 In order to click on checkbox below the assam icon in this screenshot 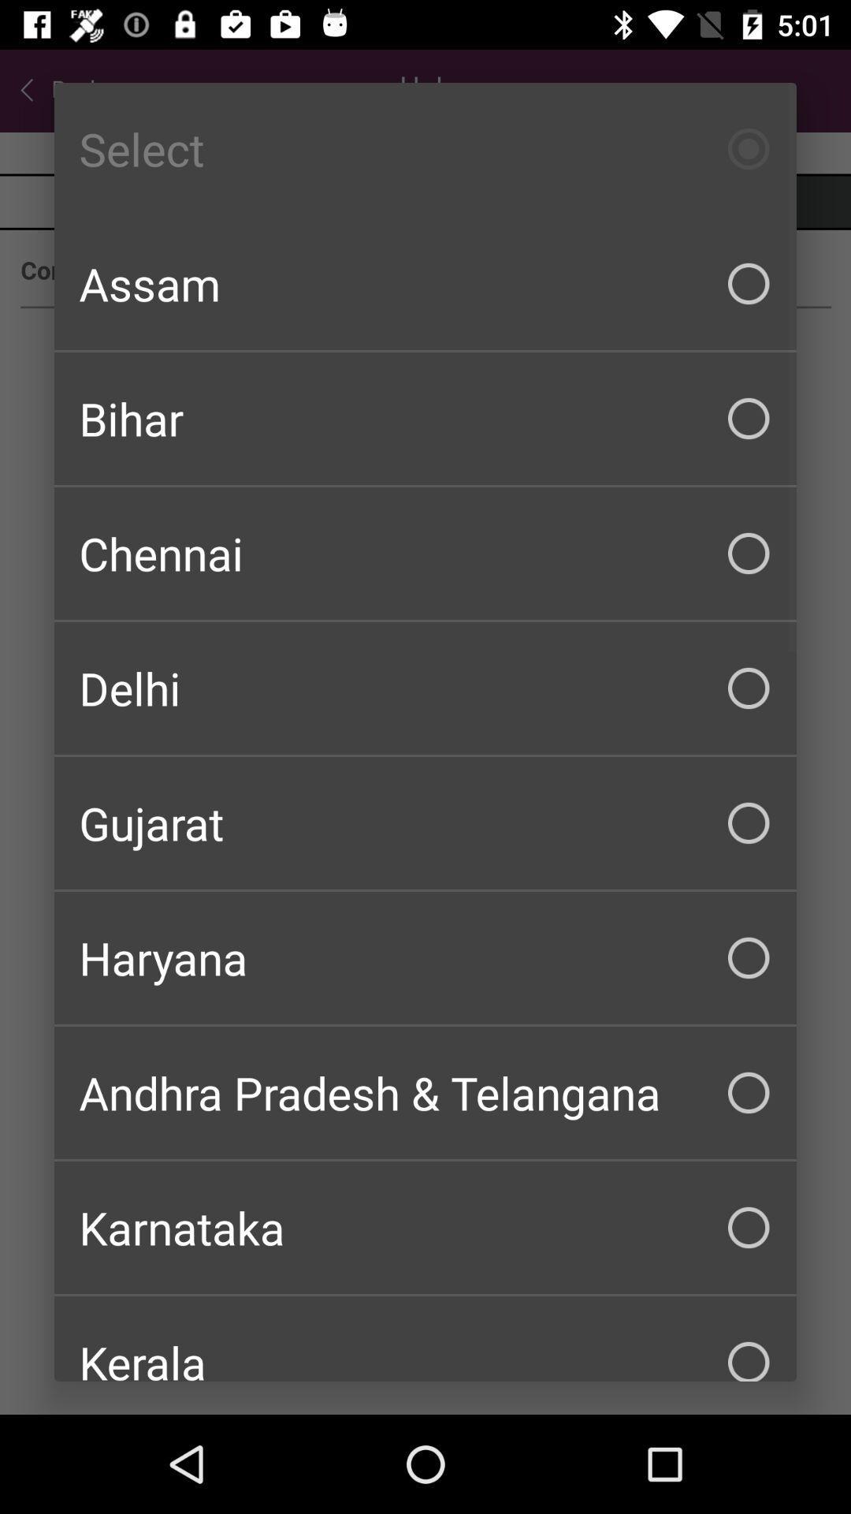, I will do `click(425, 419)`.